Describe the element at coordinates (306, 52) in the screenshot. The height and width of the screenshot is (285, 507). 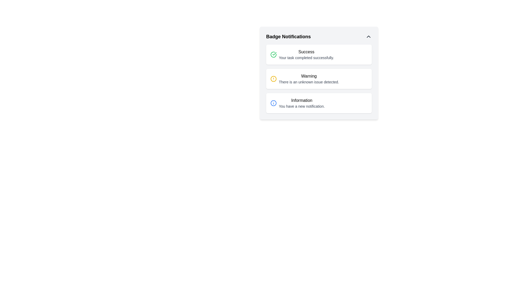
I see `the text label that serves as a header for the notification message, which is located in the 'Badge Notifications' section and precedes the text 'Your task completed successfully'` at that location.